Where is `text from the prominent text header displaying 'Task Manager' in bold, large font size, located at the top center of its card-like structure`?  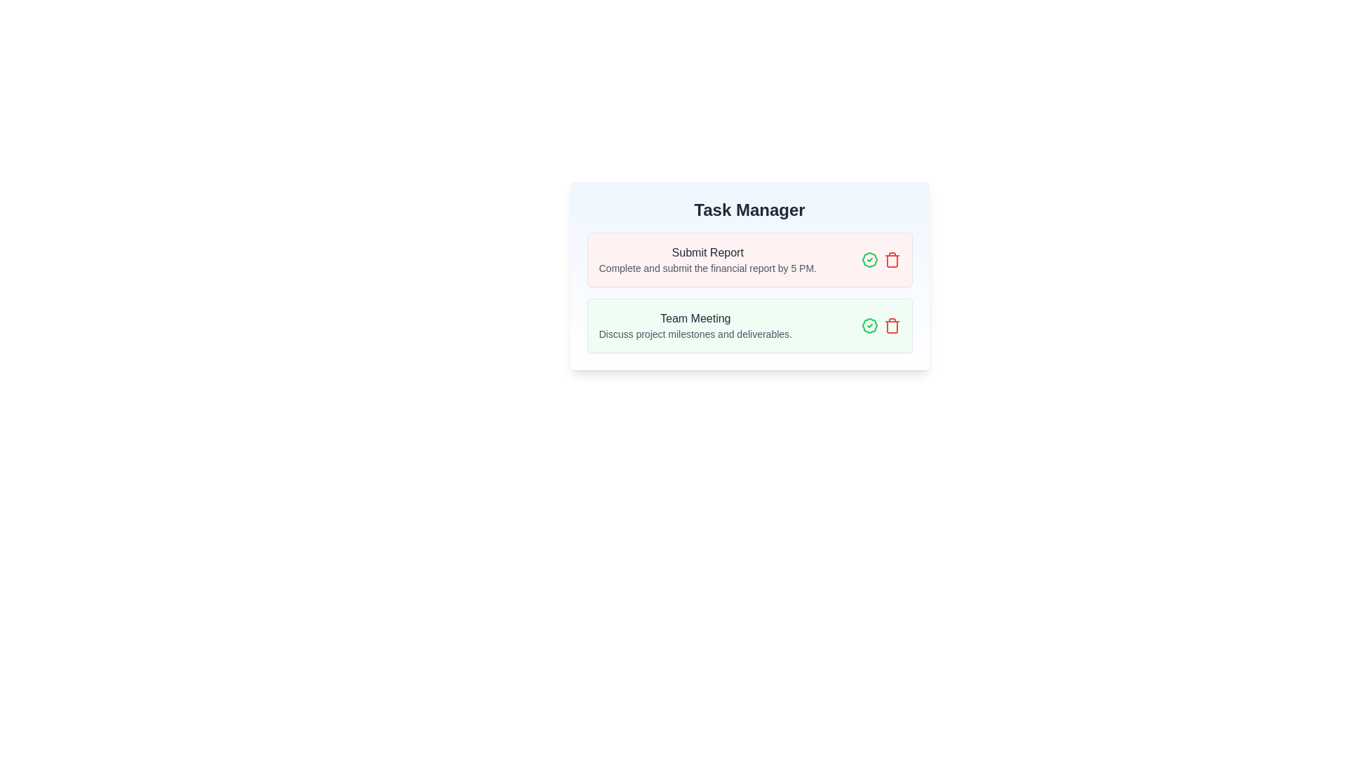 text from the prominent text header displaying 'Task Manager' in bold, large font size, located at the top center of its card-like structure is located at coordinates (749, 210).